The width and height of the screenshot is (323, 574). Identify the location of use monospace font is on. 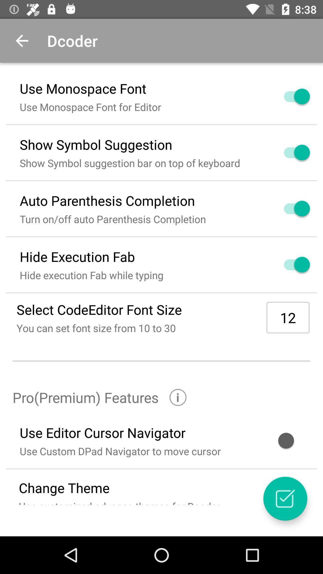
(290, 96).